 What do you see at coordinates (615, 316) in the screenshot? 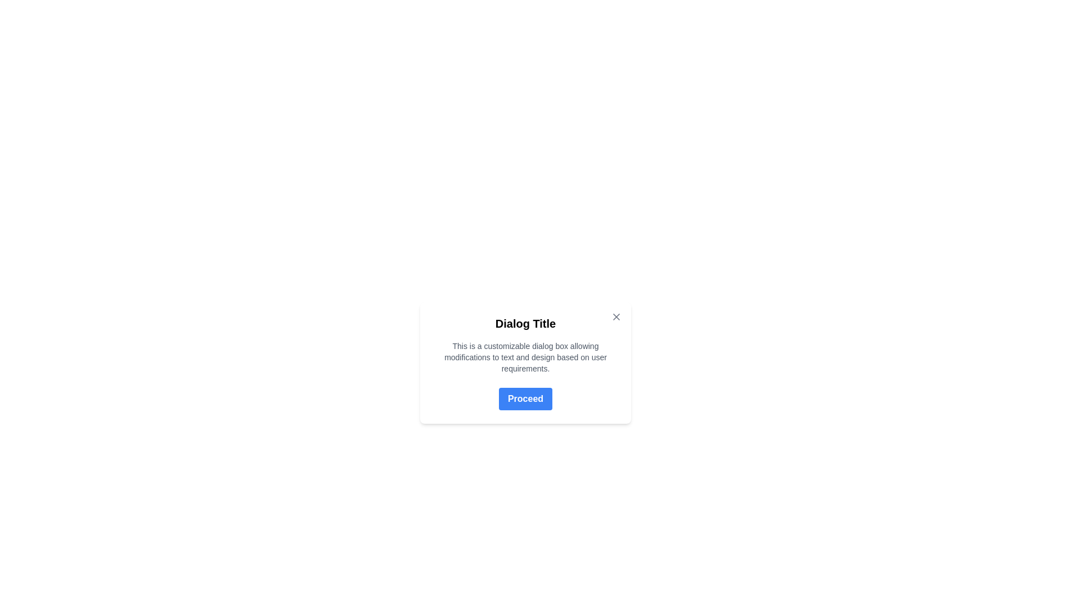
I see `the diagonal line forming part of the 'X' close icon located in the top-right corner of the dialog box` at bounding box center [615, 316].